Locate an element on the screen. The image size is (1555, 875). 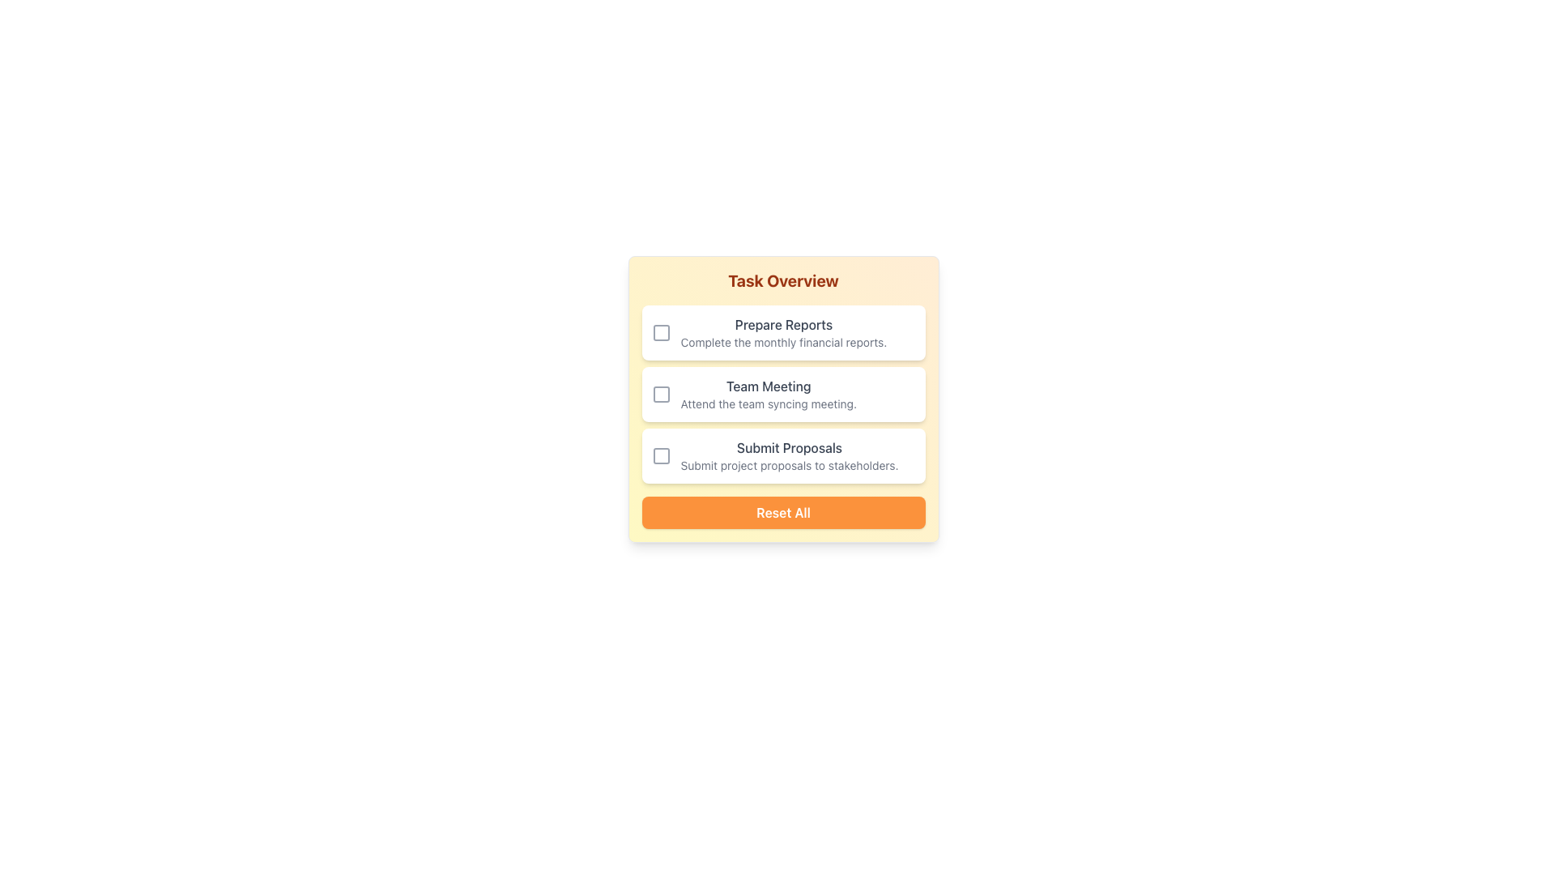
the text label displaying 'Prepare Reports' located at the top of the task card titled 'Task Overview' is located at coordinates (783, 325).